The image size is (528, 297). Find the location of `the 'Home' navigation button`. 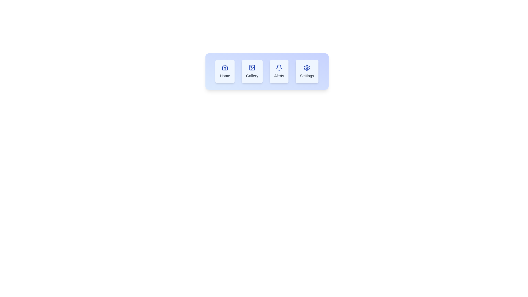

the 'Home' navigation button is located at coordinates (225, 71).